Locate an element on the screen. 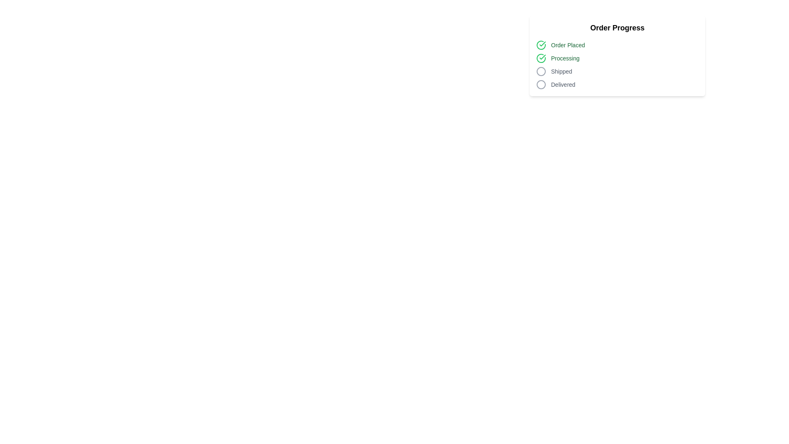 The width and height of the screenshot is (789, 444). text content of the 'Delivered' step label in the order status list, which is the fourth element aligned with a circular icon within the 'Order Progress' box is located at coordinates (563, 84).